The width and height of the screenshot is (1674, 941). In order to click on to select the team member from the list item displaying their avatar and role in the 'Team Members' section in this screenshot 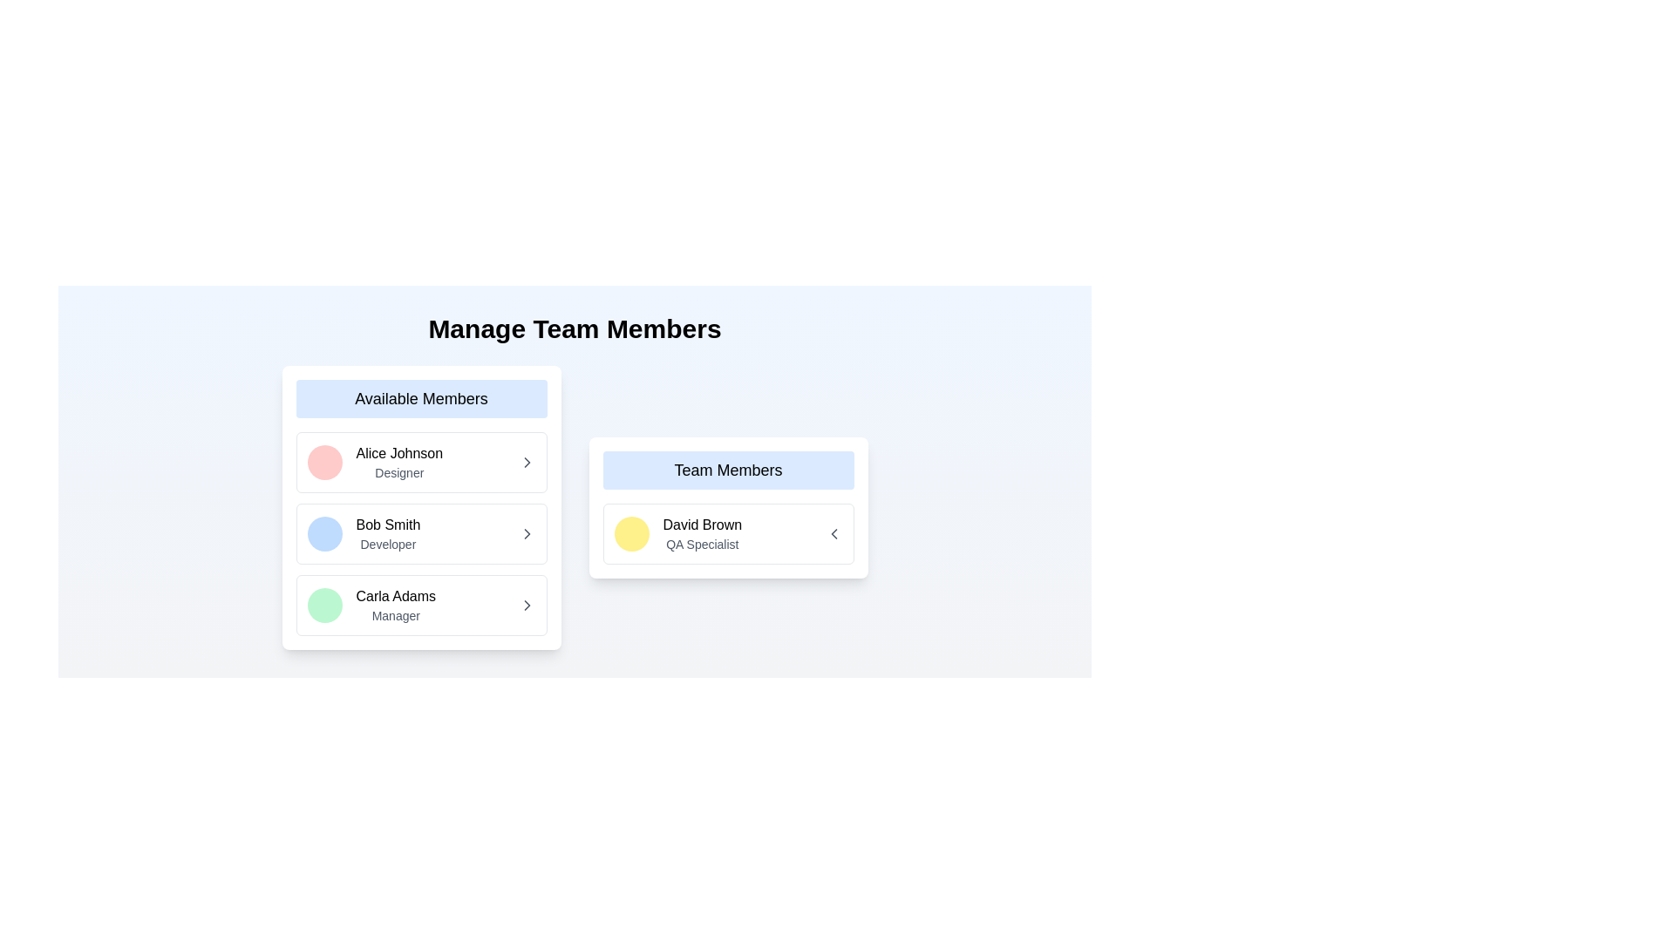, I will do `click(677, 533)`.